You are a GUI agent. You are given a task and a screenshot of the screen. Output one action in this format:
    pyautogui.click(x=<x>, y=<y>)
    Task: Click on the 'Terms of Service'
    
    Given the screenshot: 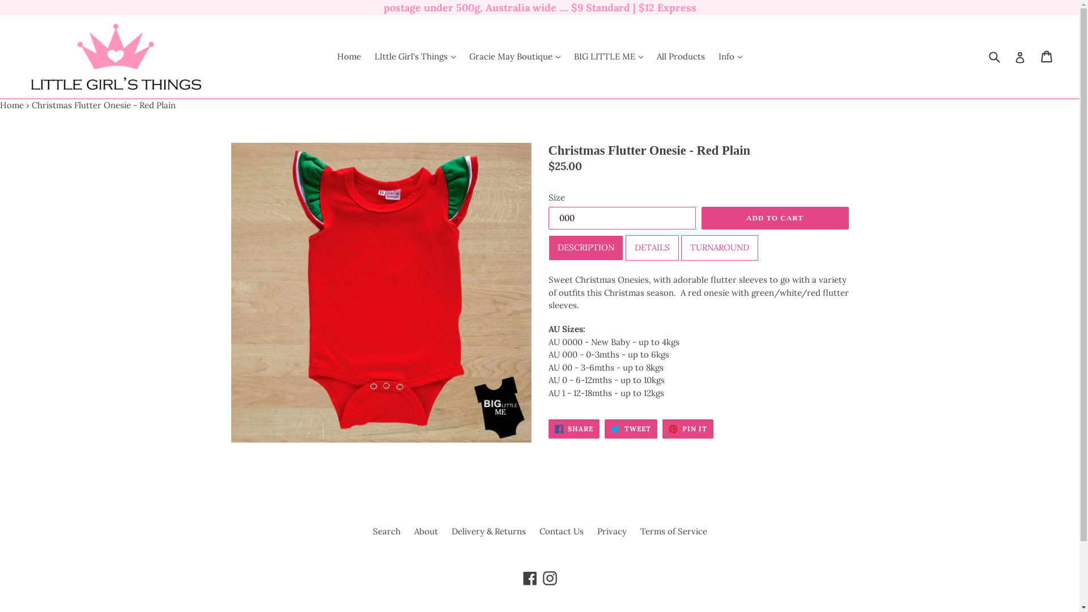 What is the action you would take?
    pyautogui.click(x=674, y=531)
    